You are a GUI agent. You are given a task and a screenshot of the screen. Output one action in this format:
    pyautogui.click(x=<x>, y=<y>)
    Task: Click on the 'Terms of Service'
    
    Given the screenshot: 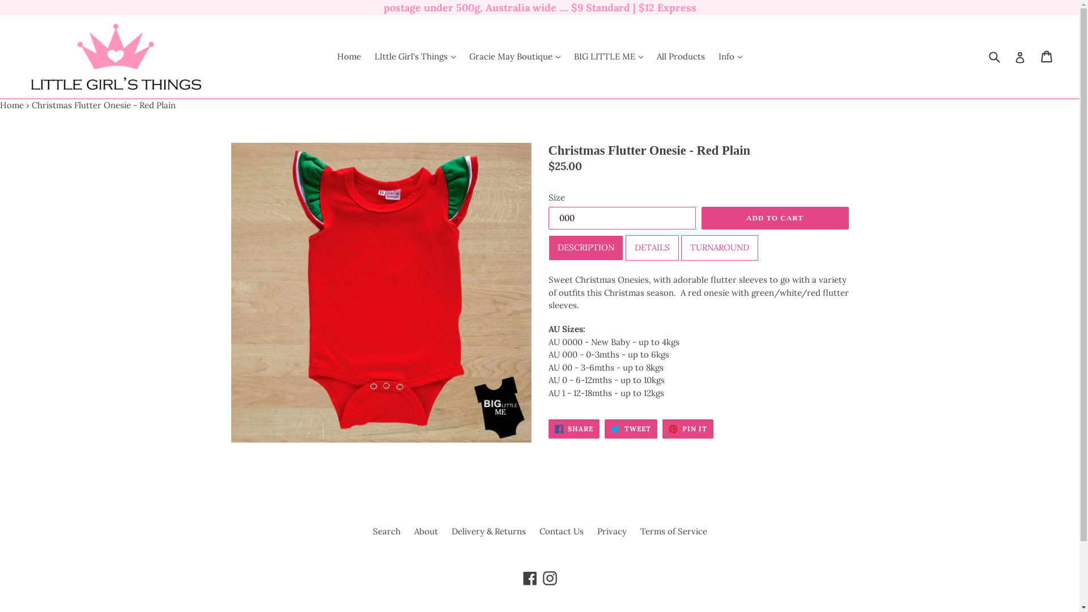 What is the action you would take?
    pyautogui.click(x=674, y=531)
    